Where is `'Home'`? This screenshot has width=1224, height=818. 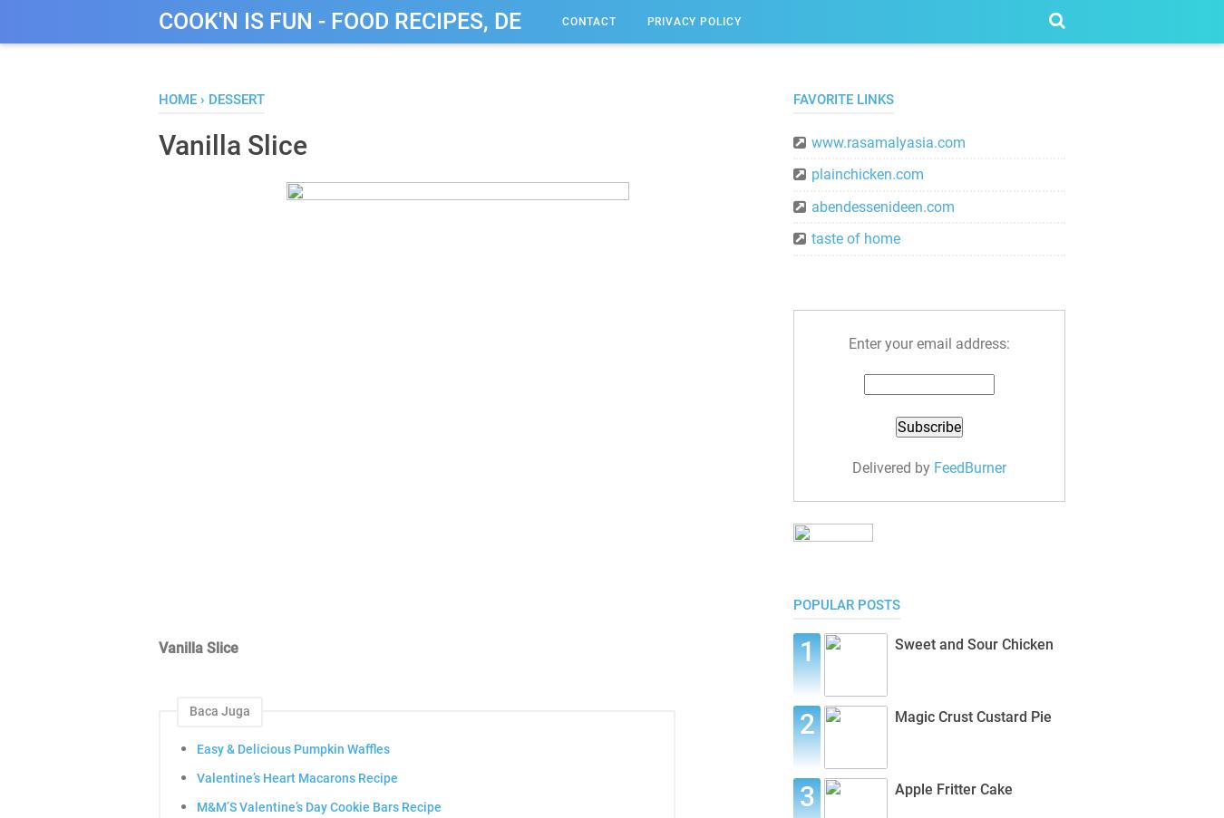 'Home' is located at coordinates (178, 99).